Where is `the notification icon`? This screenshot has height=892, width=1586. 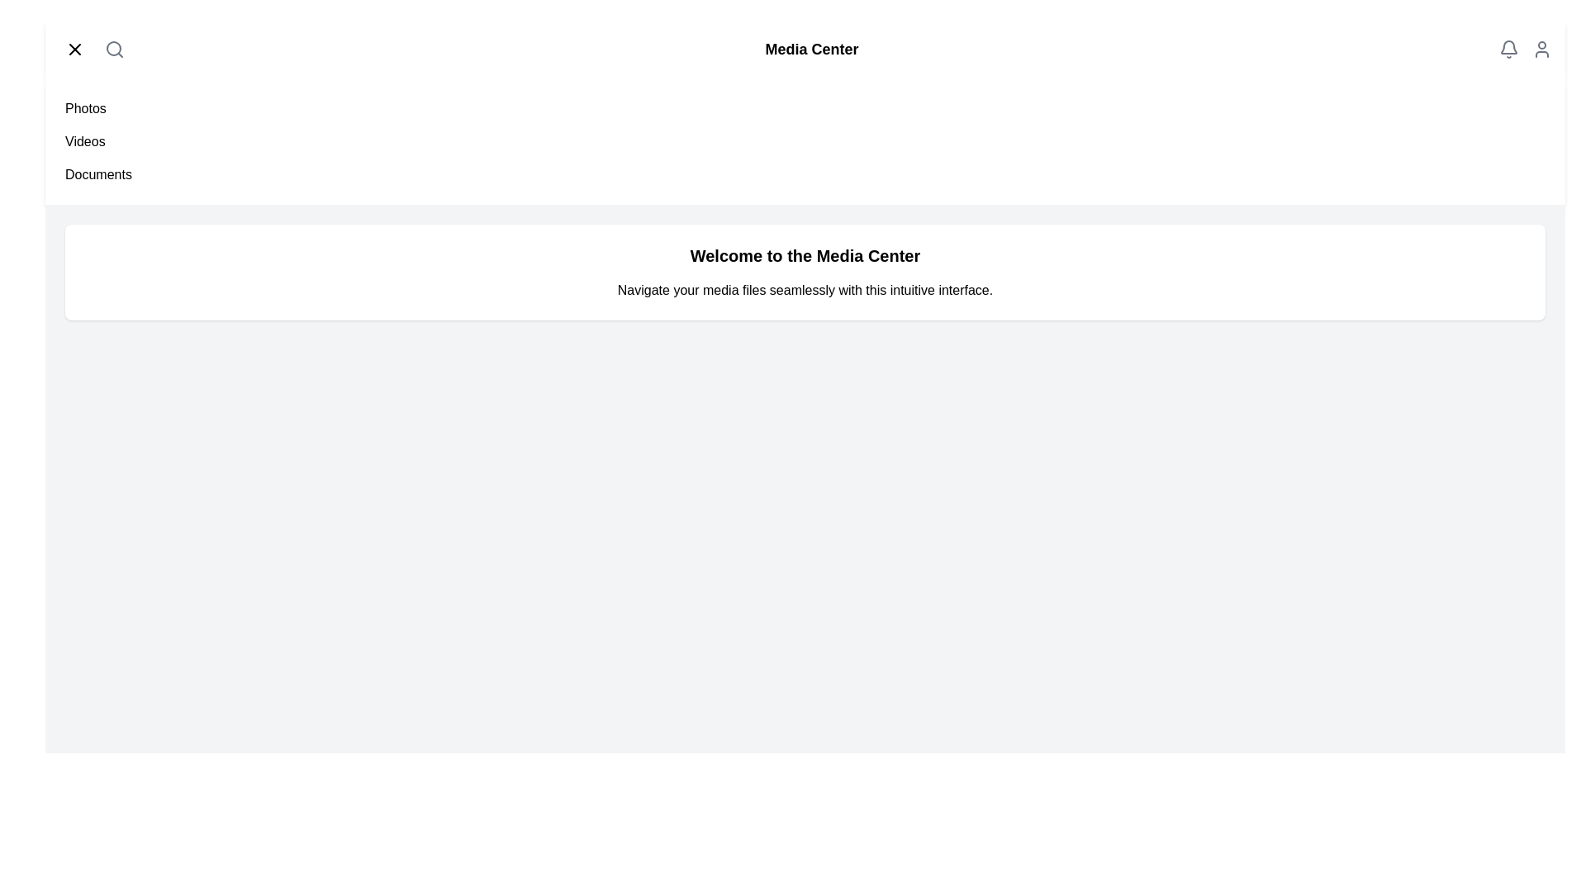
the notification icon is located at coordinates (1509, 49).